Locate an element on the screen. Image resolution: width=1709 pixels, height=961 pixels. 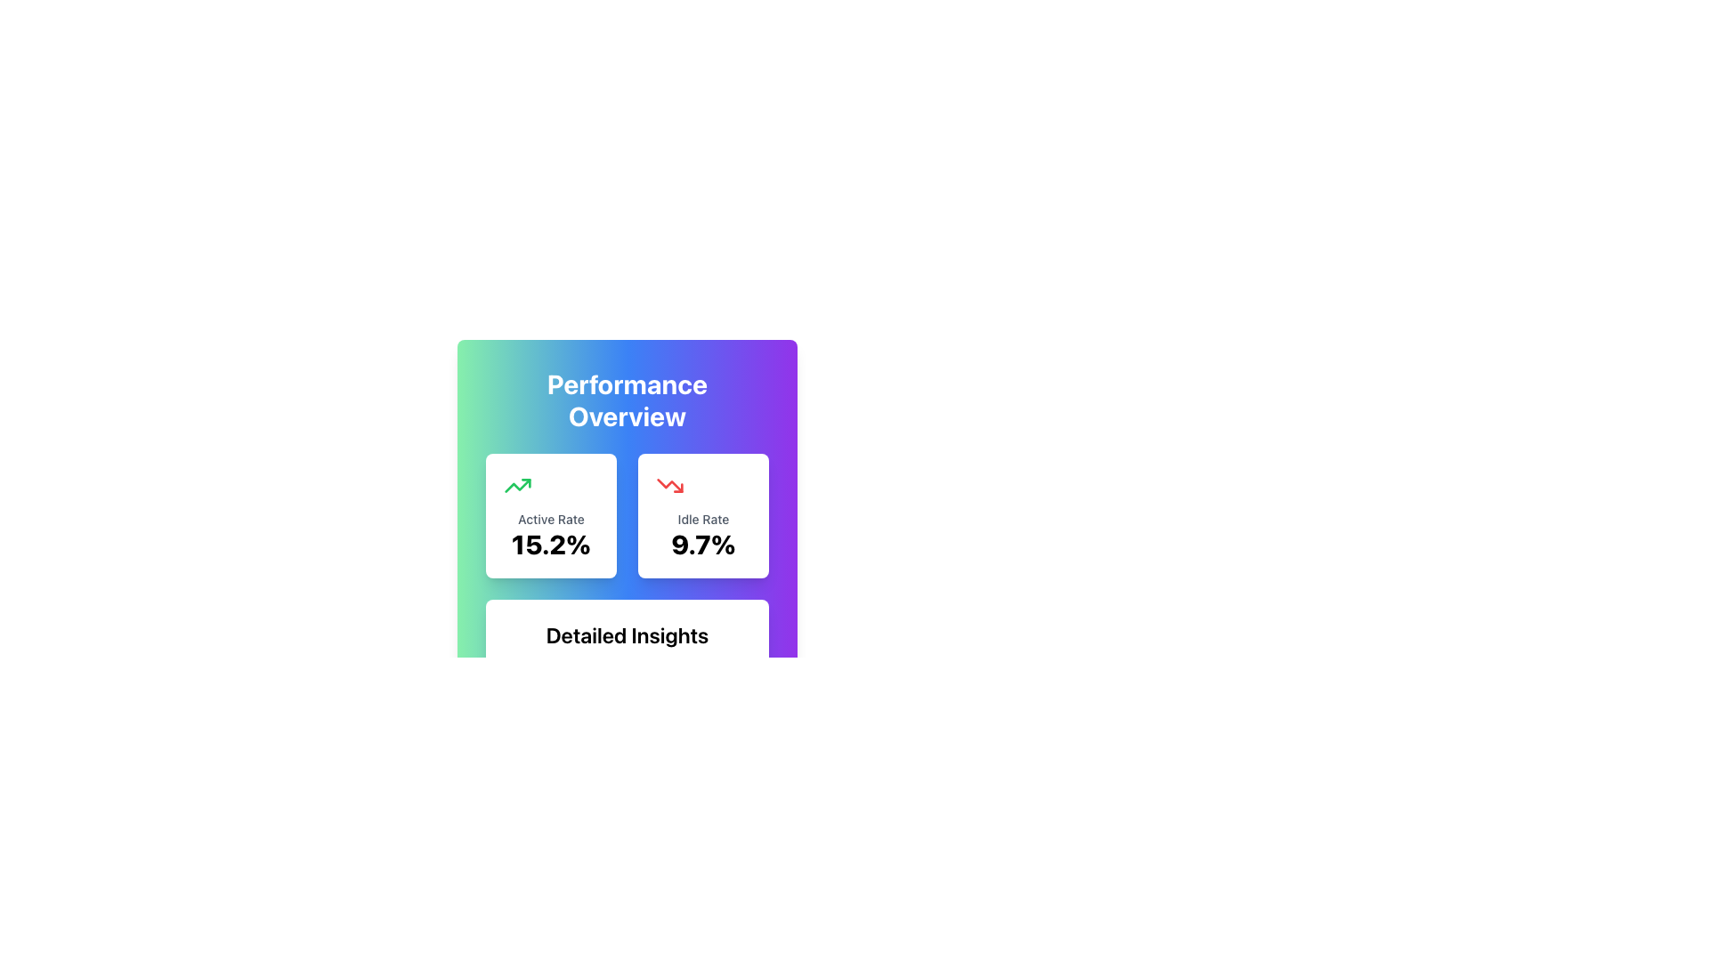
the text label displaying '9.7%' in bold, modern sans-serif font, located within the white rounded-corner panel in the 'Performance Overview' section is located at coordinates (702, 544).